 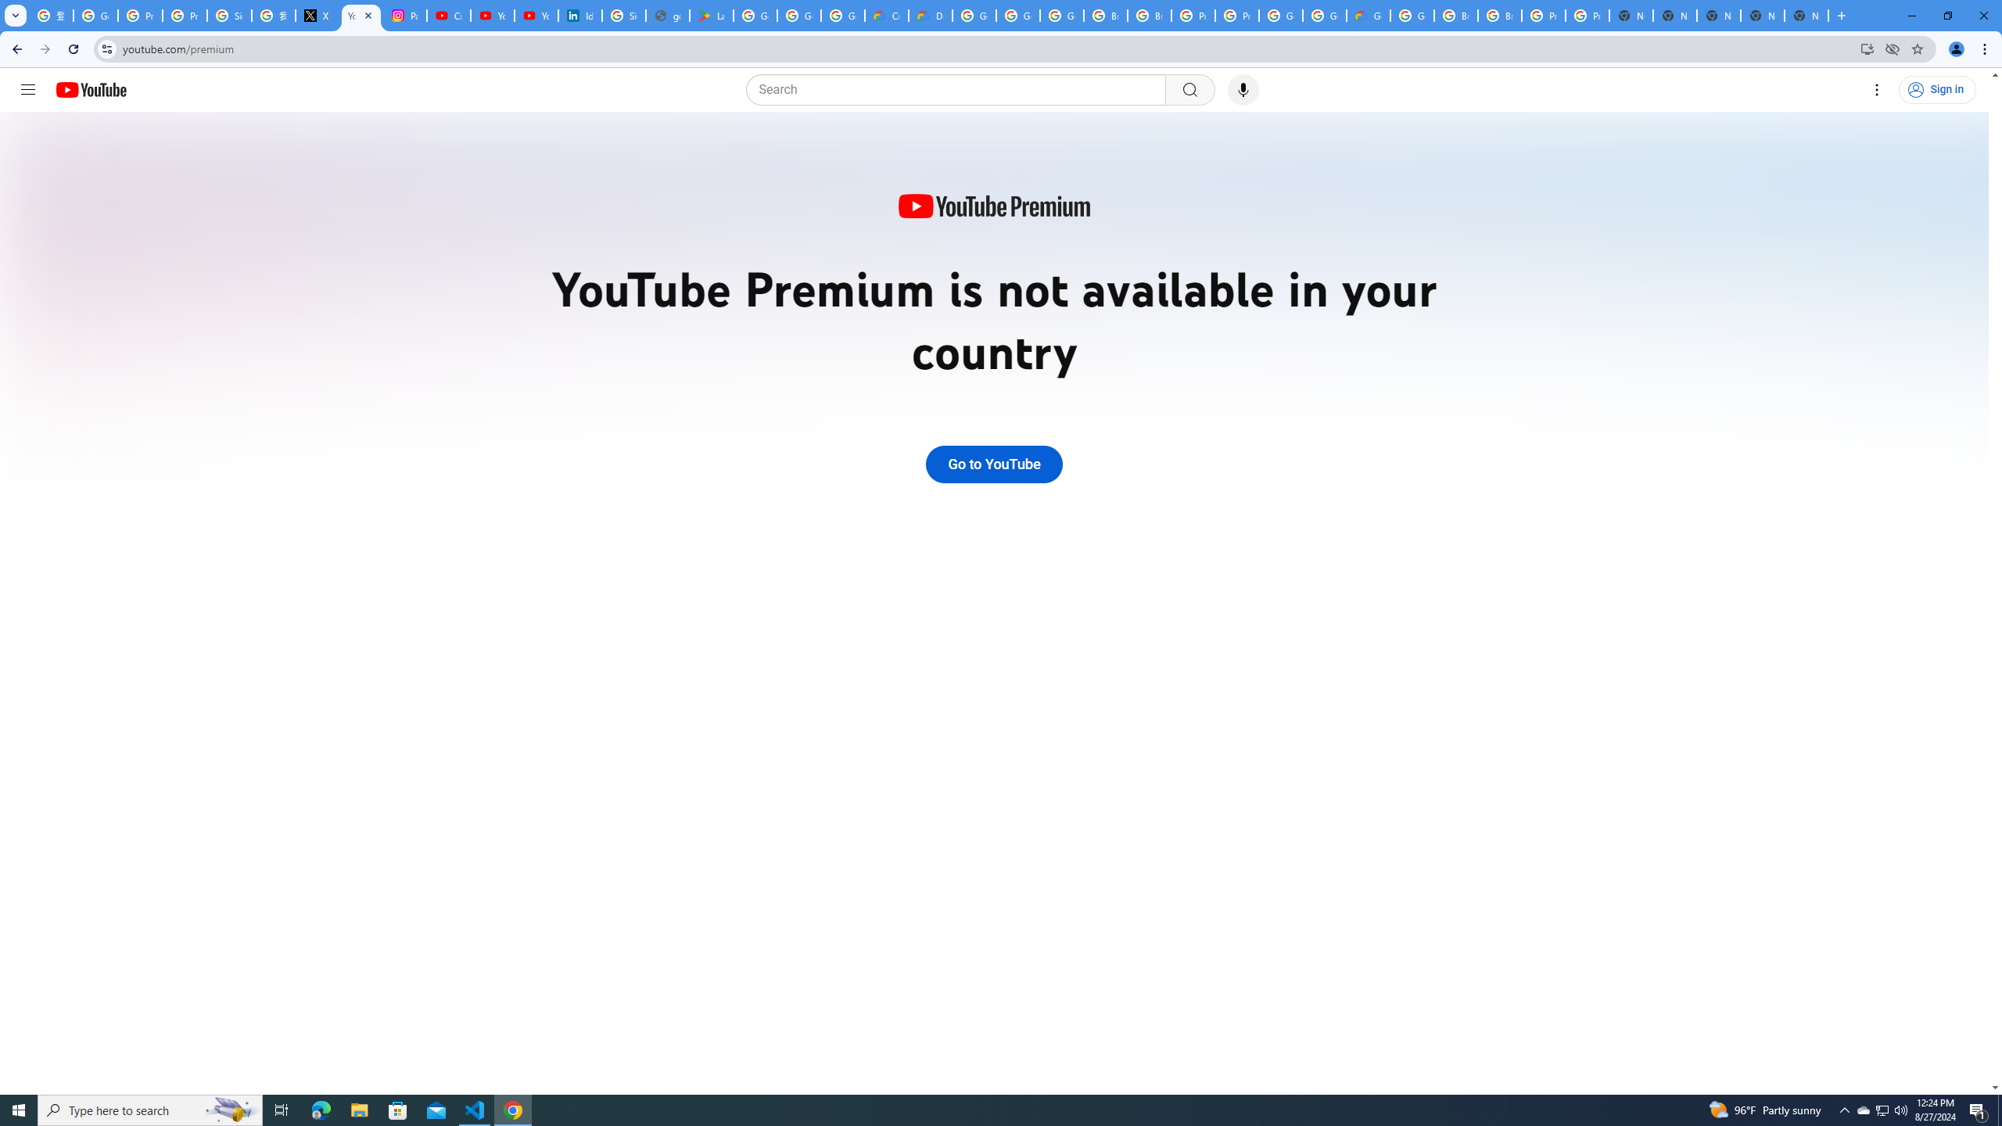 I want to click on 'New Tab', so click(x=1806, y=15).